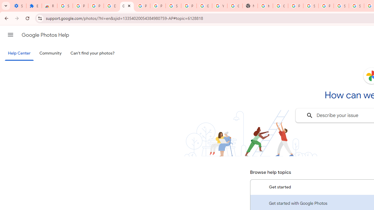  I want to click on 'Google Account', so click(204, 6).